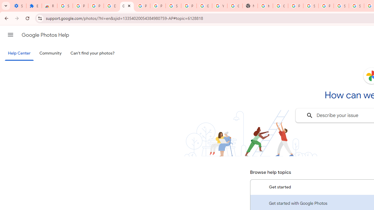  I want to click on 'Google Account', so click(204, 6).